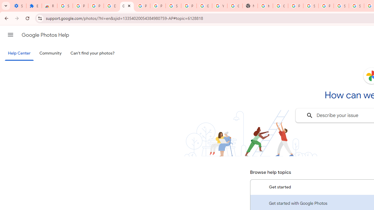  I want to click on 'Google Account', so click(204, 6).